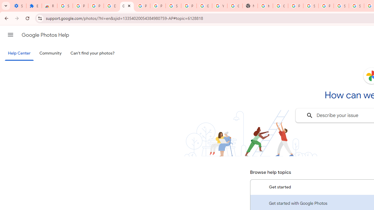  I want to click on 'Google Account', so click(204, 6).